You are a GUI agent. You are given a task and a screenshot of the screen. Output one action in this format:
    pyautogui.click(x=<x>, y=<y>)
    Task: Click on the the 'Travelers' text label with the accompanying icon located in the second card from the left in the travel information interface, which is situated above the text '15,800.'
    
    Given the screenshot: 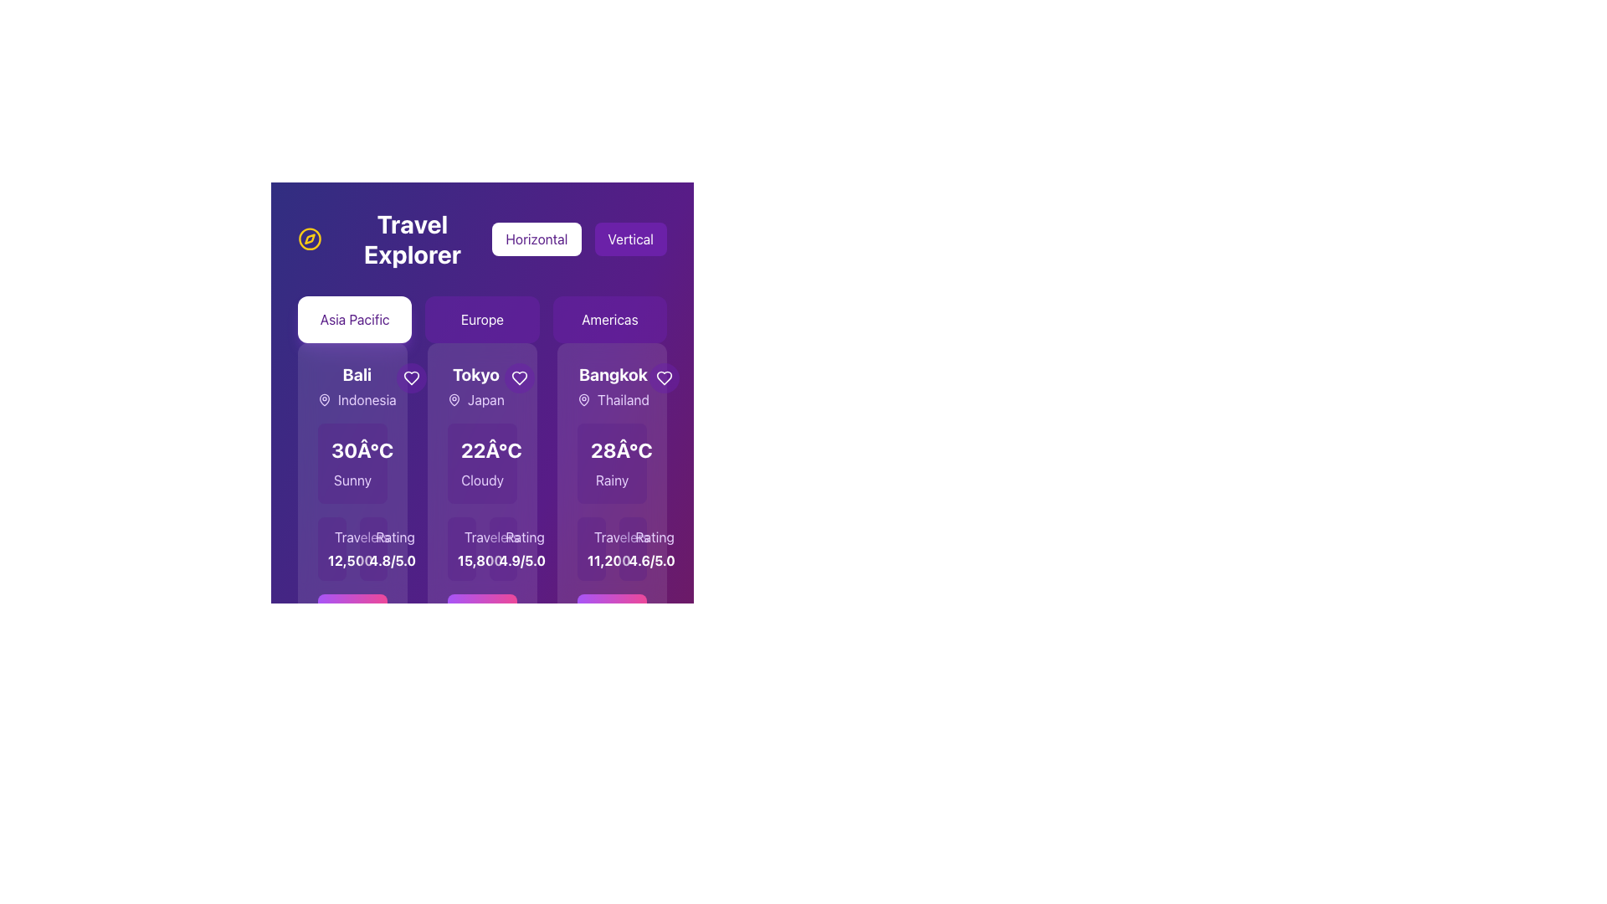 What is the action you would take?
    pyautogui.click(x=461, y=537)
    